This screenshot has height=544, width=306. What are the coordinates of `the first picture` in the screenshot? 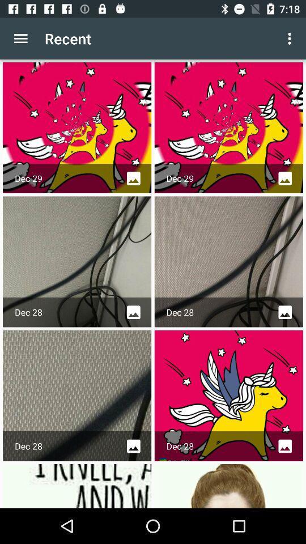 It's located at (76, 127).